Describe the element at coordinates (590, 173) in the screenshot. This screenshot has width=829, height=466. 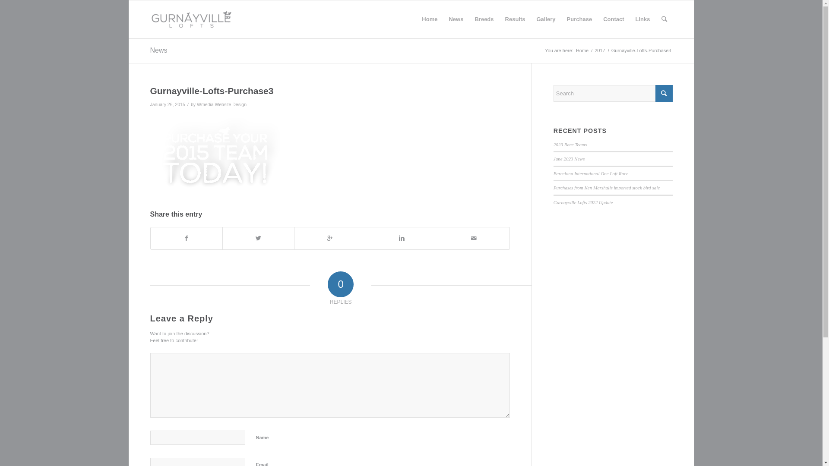
I see `'Barcelona International One Loft Race'` at that location.